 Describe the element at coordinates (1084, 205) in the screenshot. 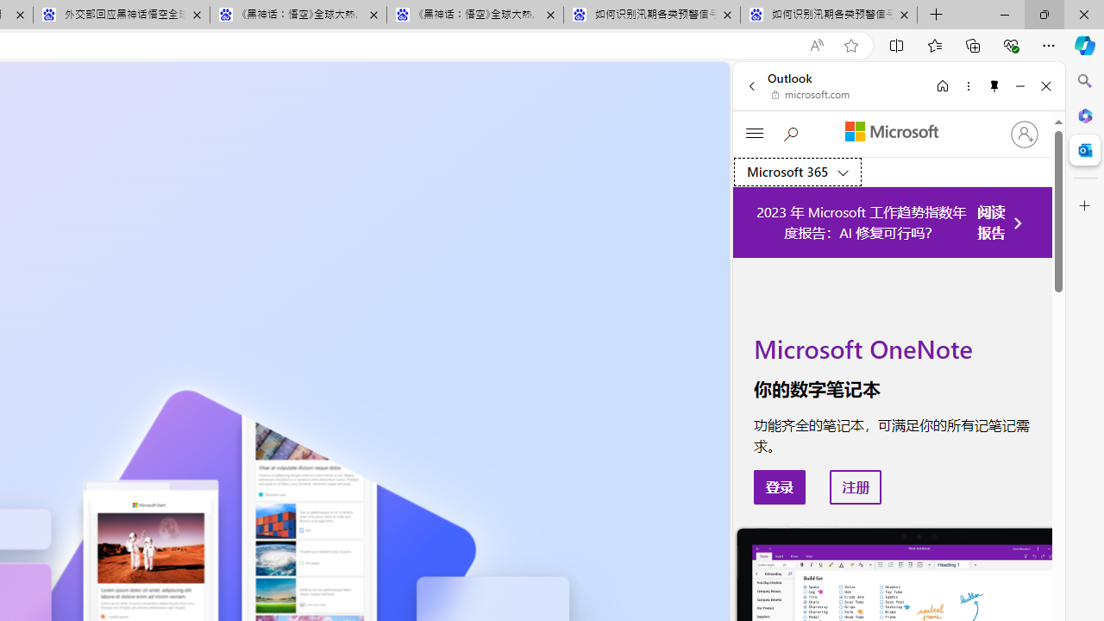

I see `'Customize'` at that location.